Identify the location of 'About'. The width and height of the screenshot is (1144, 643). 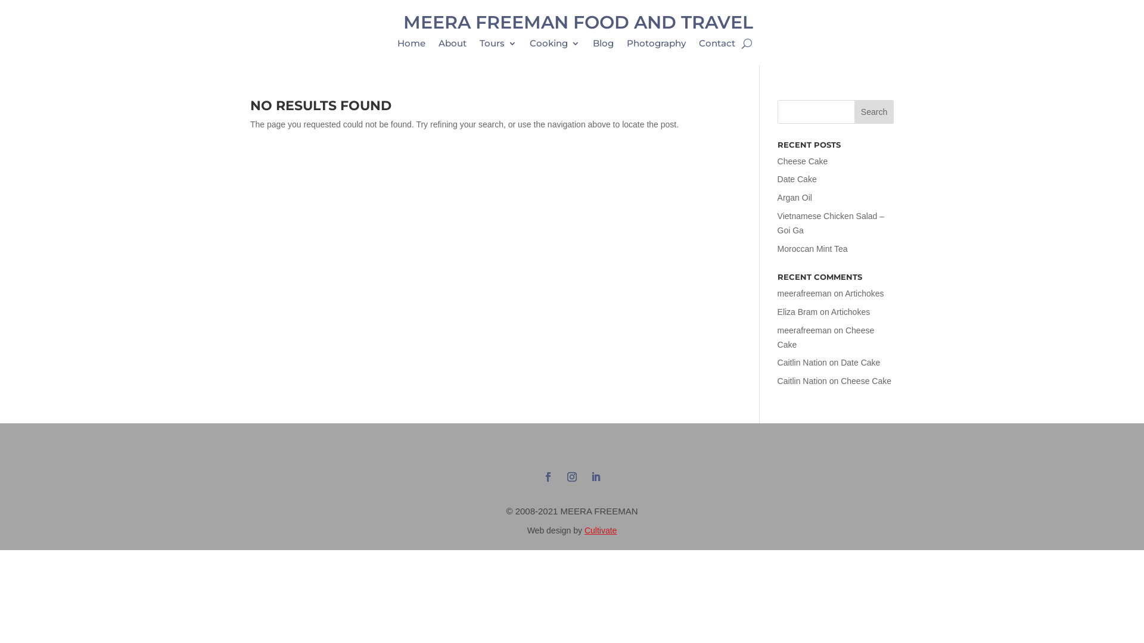
(437, 45).